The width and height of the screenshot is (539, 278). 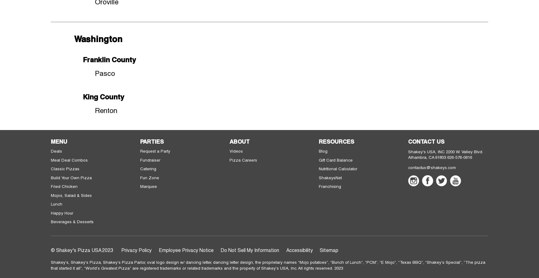 I want to click on 'Franklin County', so click(x=109, y=59).